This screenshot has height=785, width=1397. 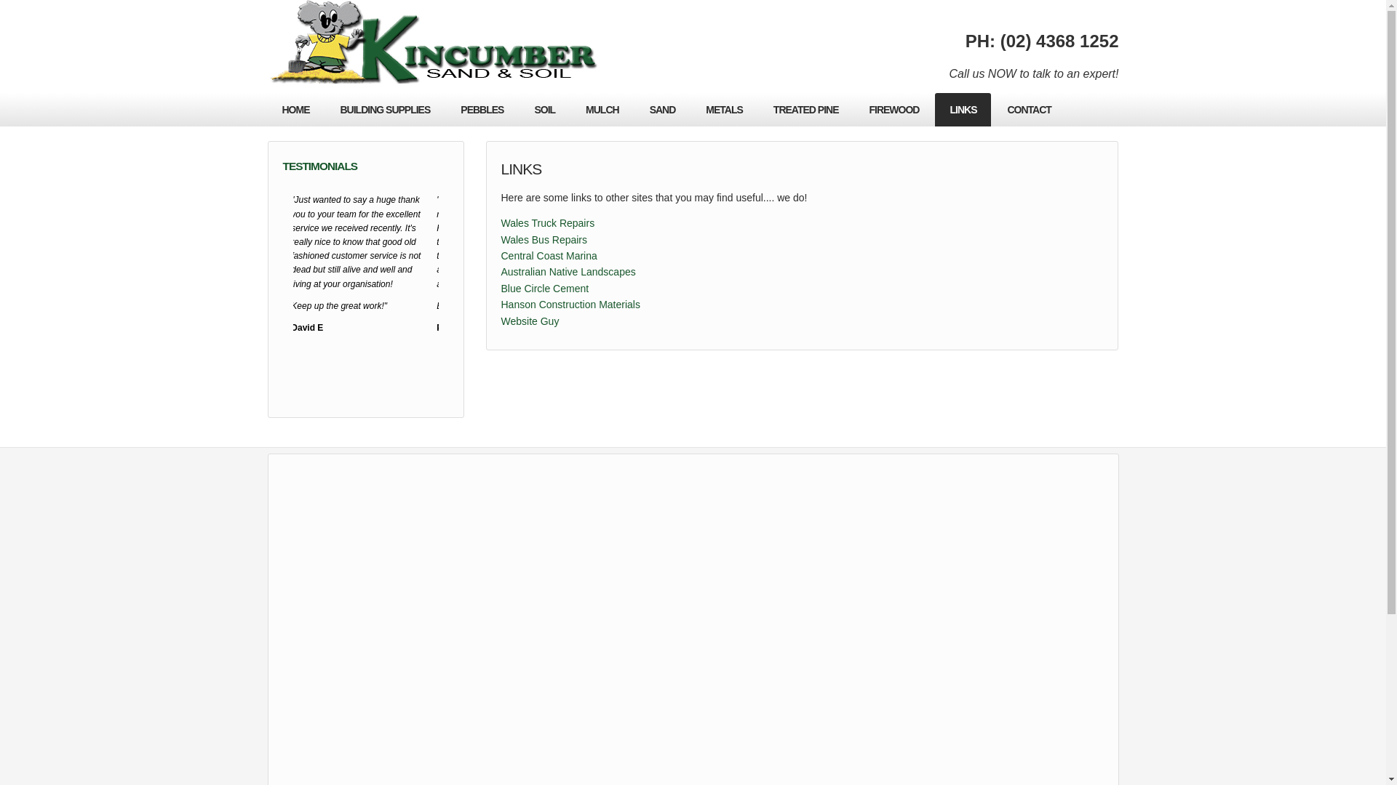 I want to click on 'Blue Circle Cement', so click(x=500, y=289).